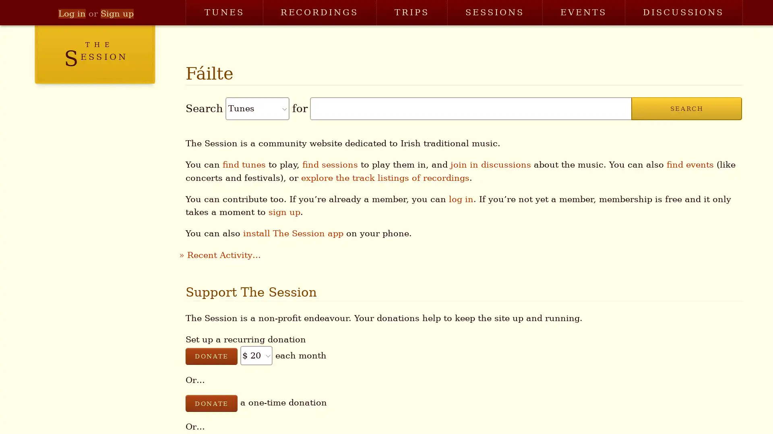 Image resolution: width=773 pixels, height=434 pixels. I want to click on search, so click(686, 108).